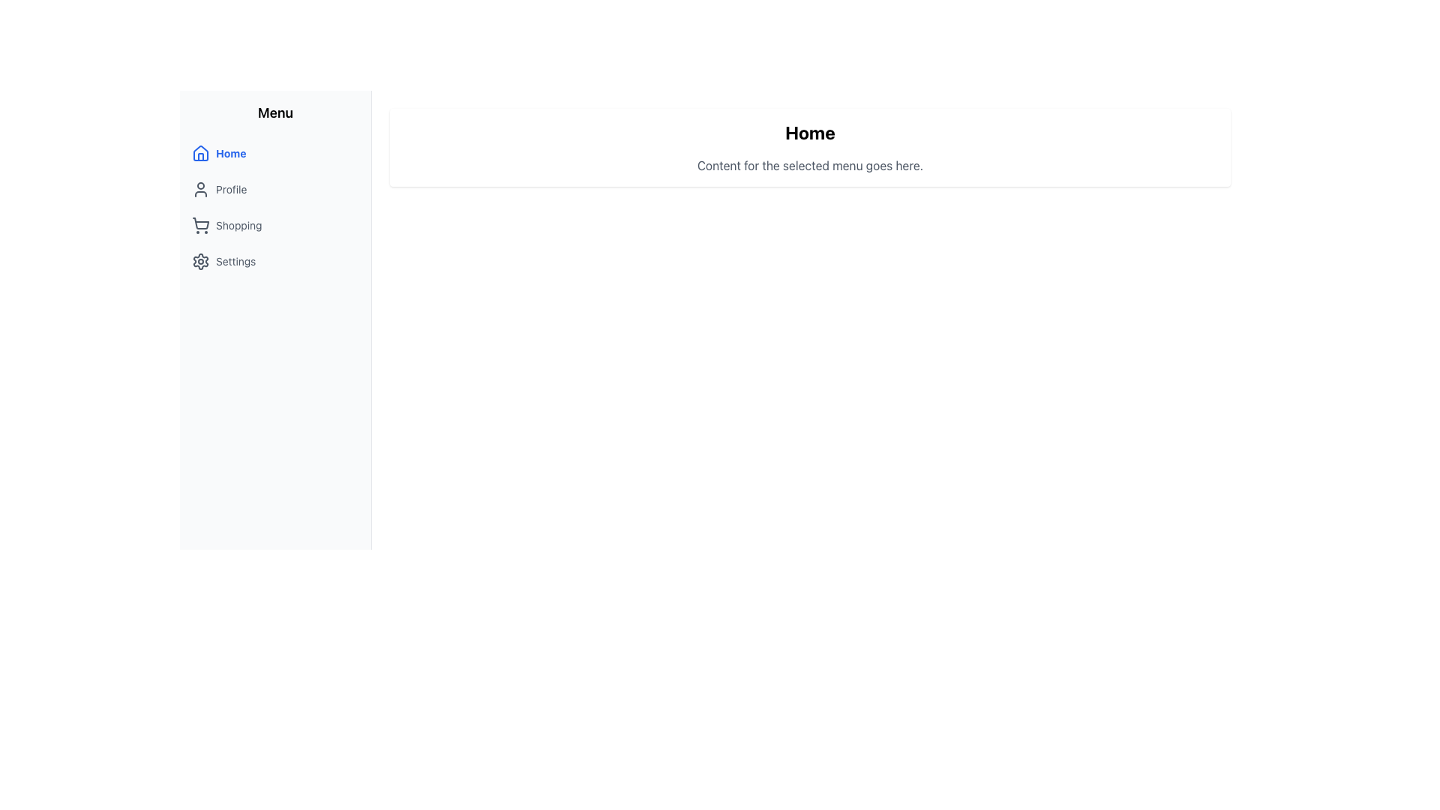 This screenshot has height=810, width=1440. Describe the element at coordinates (238, 225) in the screenshot. I see `the 'Shopping' text label in the navigation menu` at that location.